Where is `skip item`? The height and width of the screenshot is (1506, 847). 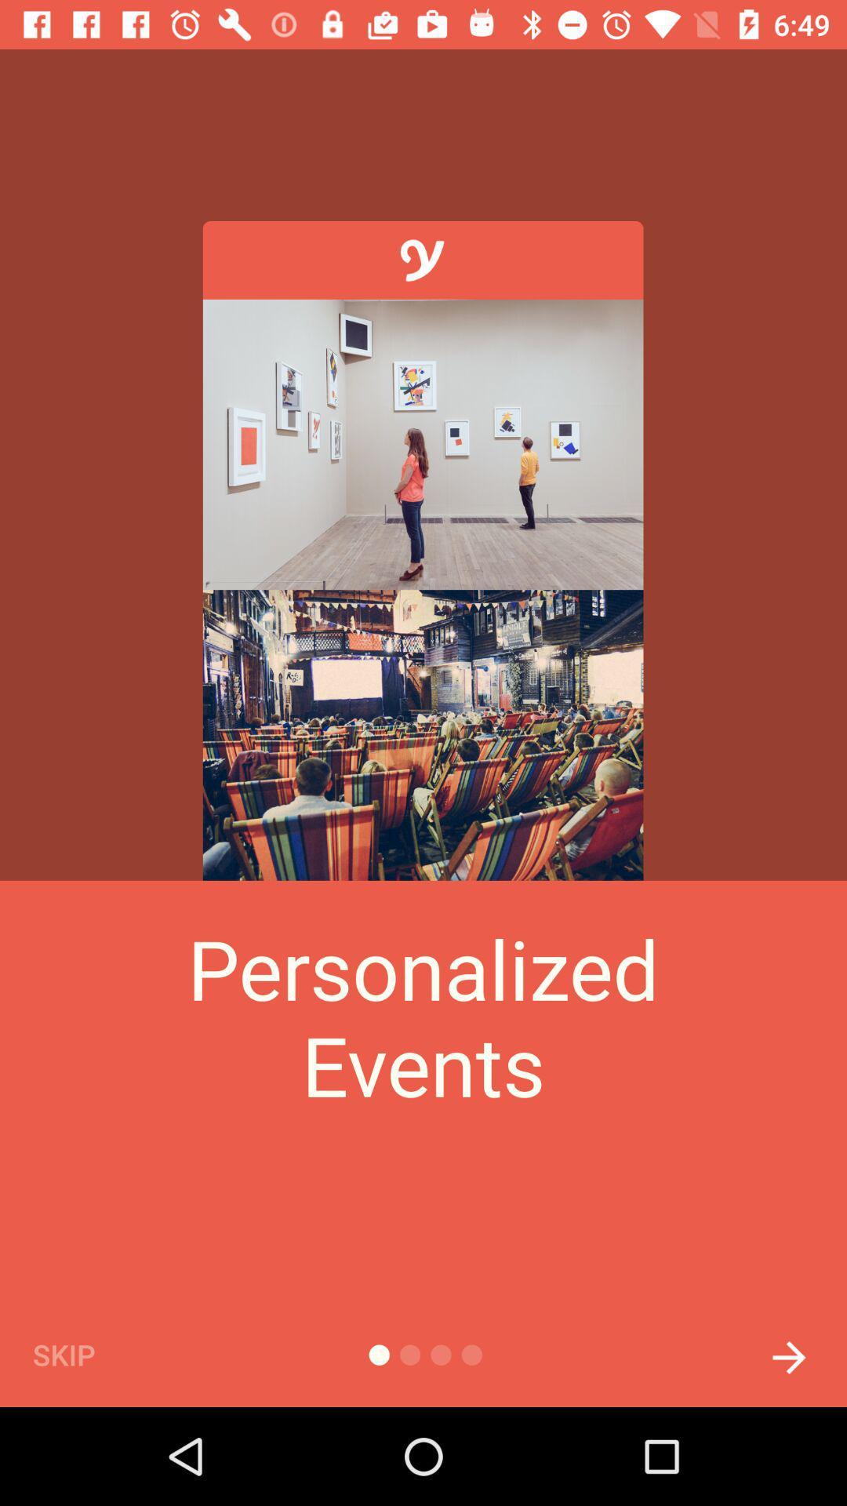
skip item is located at coordinates (90, 1354).